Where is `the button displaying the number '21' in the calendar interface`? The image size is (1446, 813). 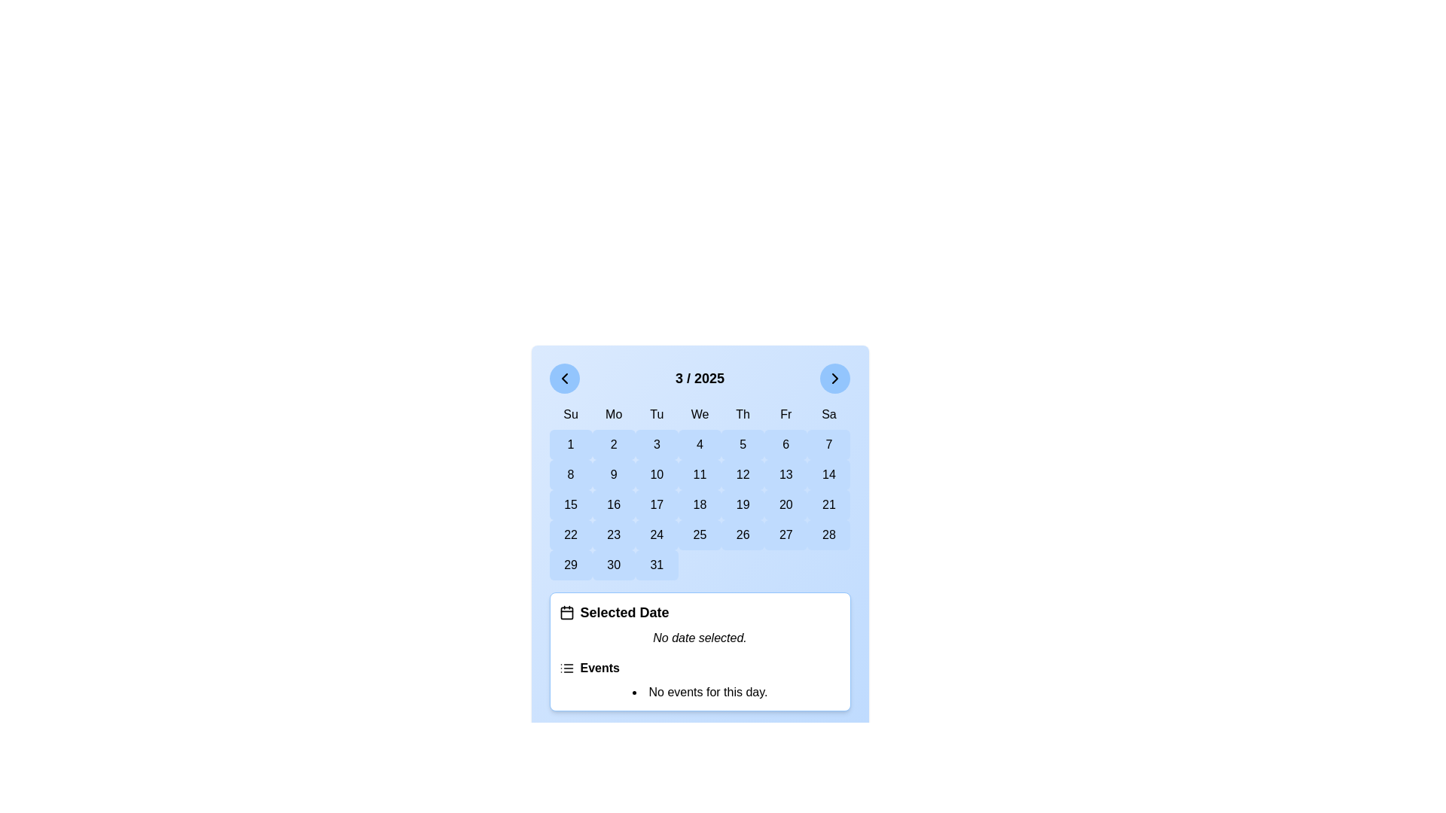
the button displaying the number '21' in the calendar interface is located at coordinates (828, 505).